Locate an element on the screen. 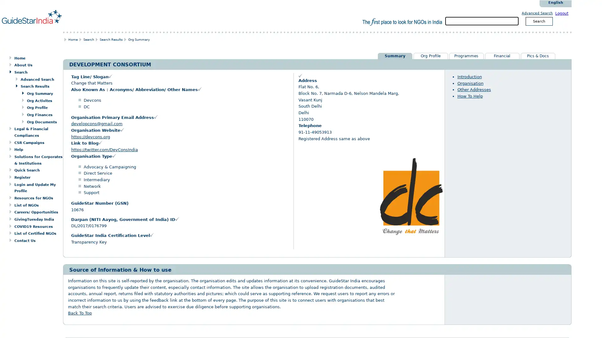 The height and width of the screenshot is (338, 602). Search is located at coordinates (538, 20).